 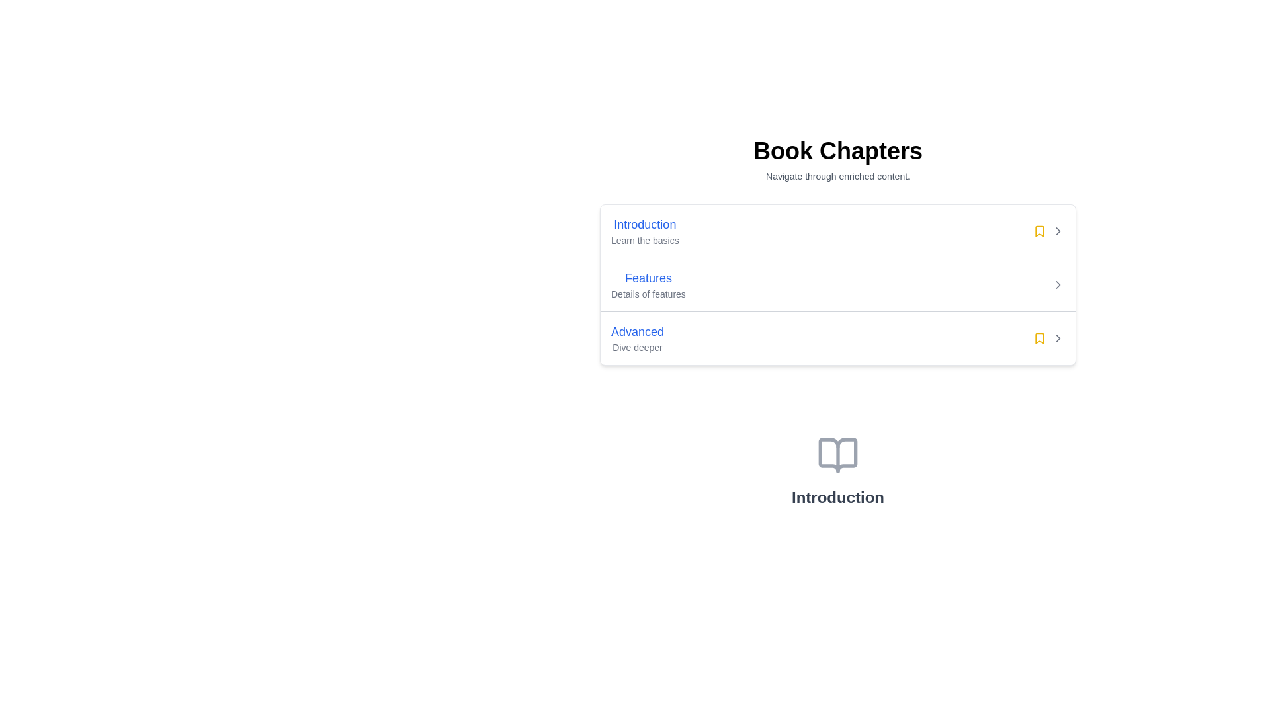 What do you see at coordinates (837, 175) in the screenshot?
I see `the text label that provides additional context about the 'Book Chapters' section, located immediately below the 'Book Chapters' header` at bounding box center [837, 175].